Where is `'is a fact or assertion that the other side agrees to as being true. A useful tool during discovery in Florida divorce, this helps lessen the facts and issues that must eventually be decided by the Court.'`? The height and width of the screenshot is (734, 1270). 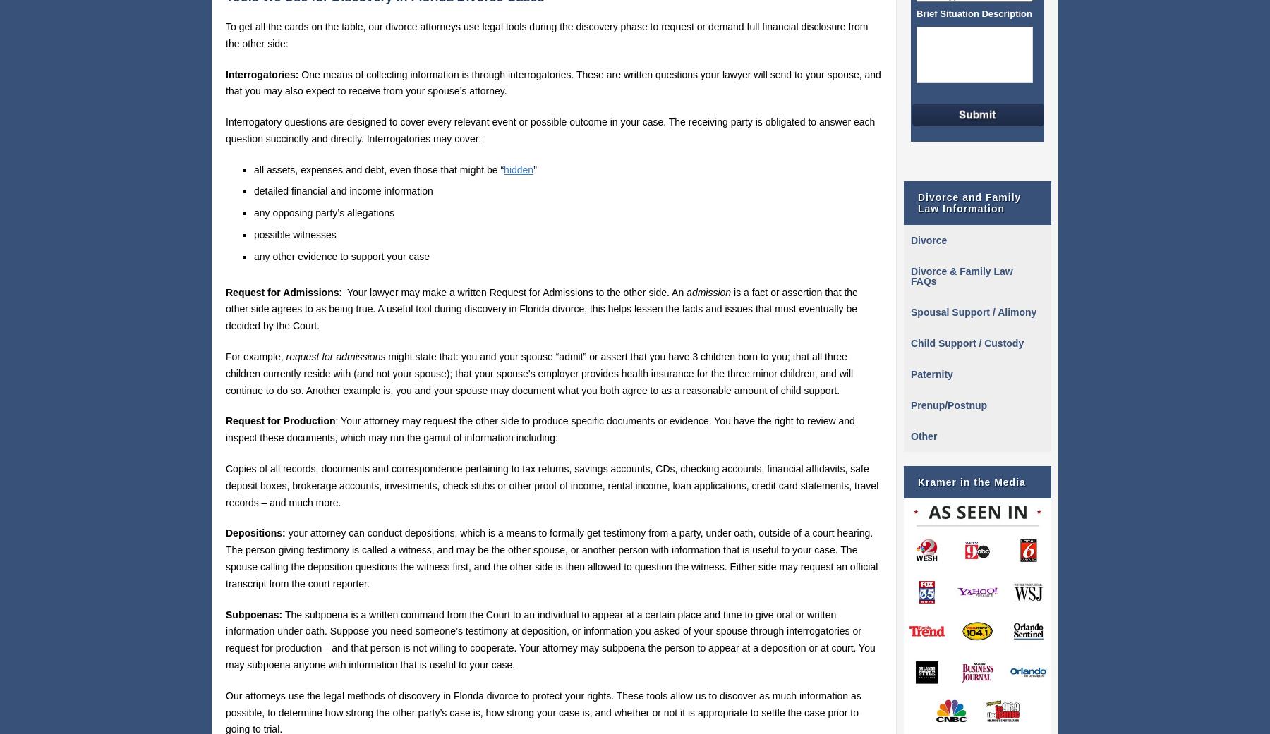
'is a fact or assertion that the other side agrees to as being true. A useful tool during discovery in Florida divorce, this helps lessen the facts and issues that must eventually be decided by the Court.' is located at coordinates (540, 307).